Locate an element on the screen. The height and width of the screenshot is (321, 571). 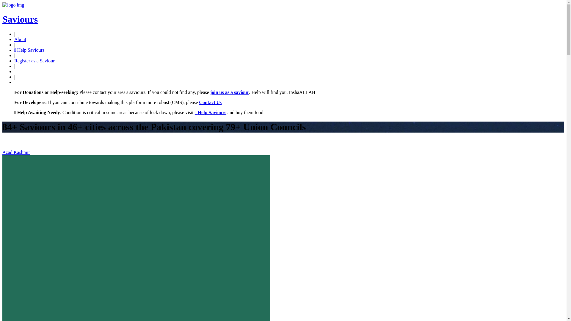
'Saviours' is located at coordinates (20, 19).